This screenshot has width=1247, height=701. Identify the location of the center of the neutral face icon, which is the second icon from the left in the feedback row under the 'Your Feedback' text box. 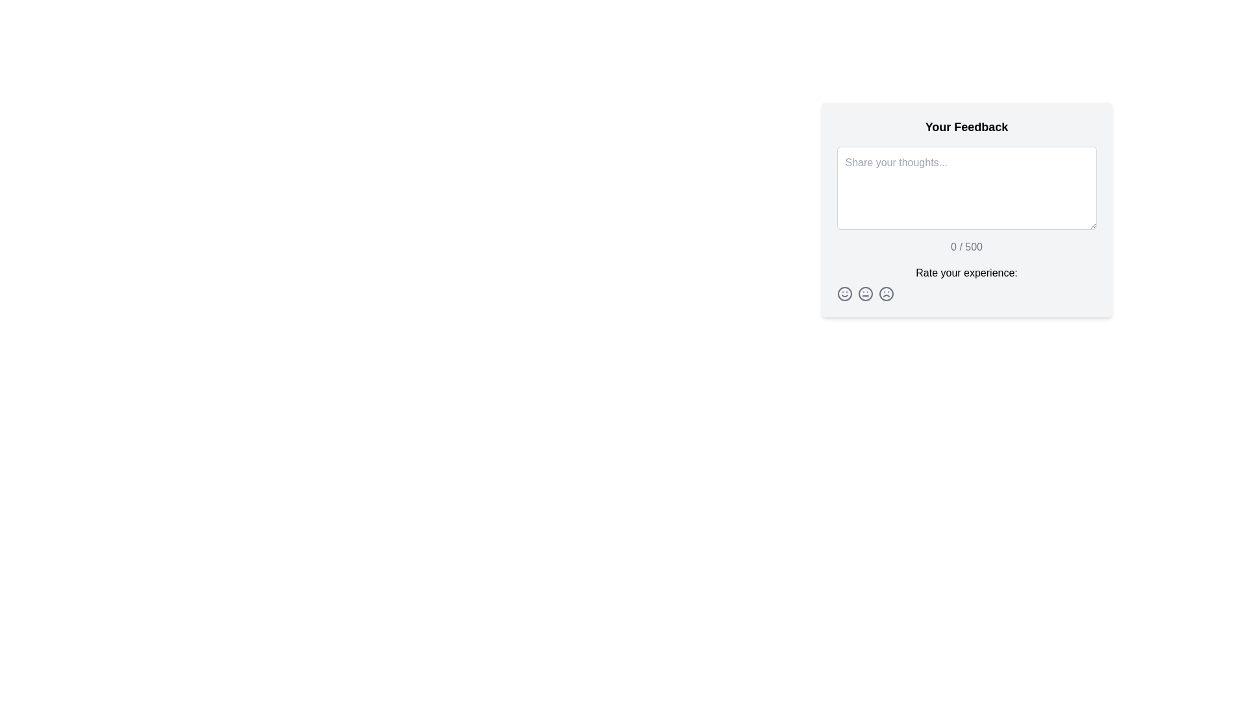
(865, 293).